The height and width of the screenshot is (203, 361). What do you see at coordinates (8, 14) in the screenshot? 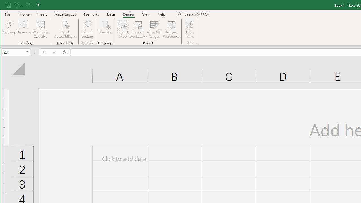
I see `'File Tab'` at bounding box center [8, 14].